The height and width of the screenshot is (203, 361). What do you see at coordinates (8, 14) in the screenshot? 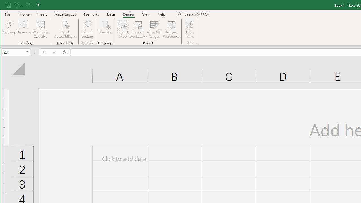
I see `'File Tab'` at bounding box center [8, 14].